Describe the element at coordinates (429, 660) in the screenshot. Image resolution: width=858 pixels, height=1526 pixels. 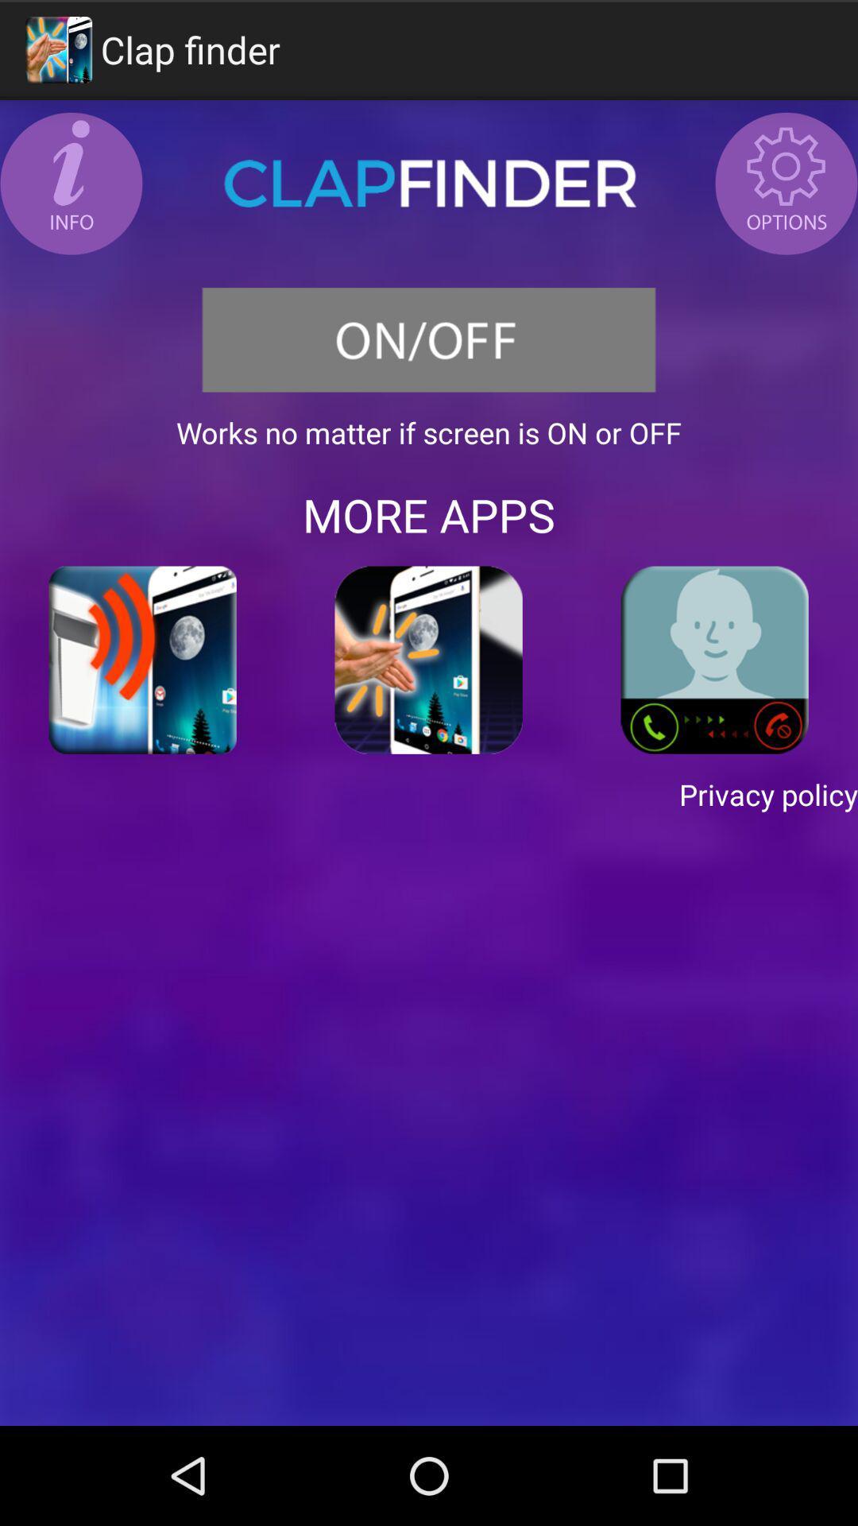
I see `the item above privacy policy icon` at that location.